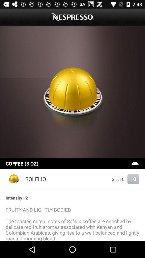  I want to click on the icon to the right of coffee (8 oz) icon, so click(135, 163).